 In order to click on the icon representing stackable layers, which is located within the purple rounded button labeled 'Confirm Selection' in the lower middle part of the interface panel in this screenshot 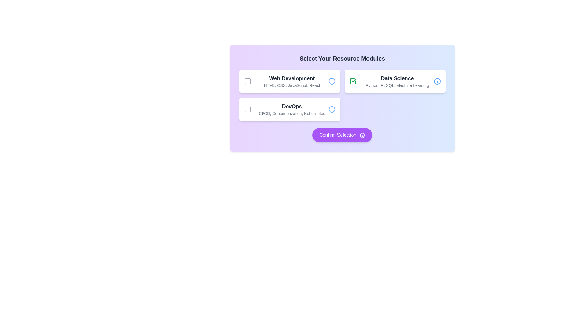, I will do `click(362, 135)`.